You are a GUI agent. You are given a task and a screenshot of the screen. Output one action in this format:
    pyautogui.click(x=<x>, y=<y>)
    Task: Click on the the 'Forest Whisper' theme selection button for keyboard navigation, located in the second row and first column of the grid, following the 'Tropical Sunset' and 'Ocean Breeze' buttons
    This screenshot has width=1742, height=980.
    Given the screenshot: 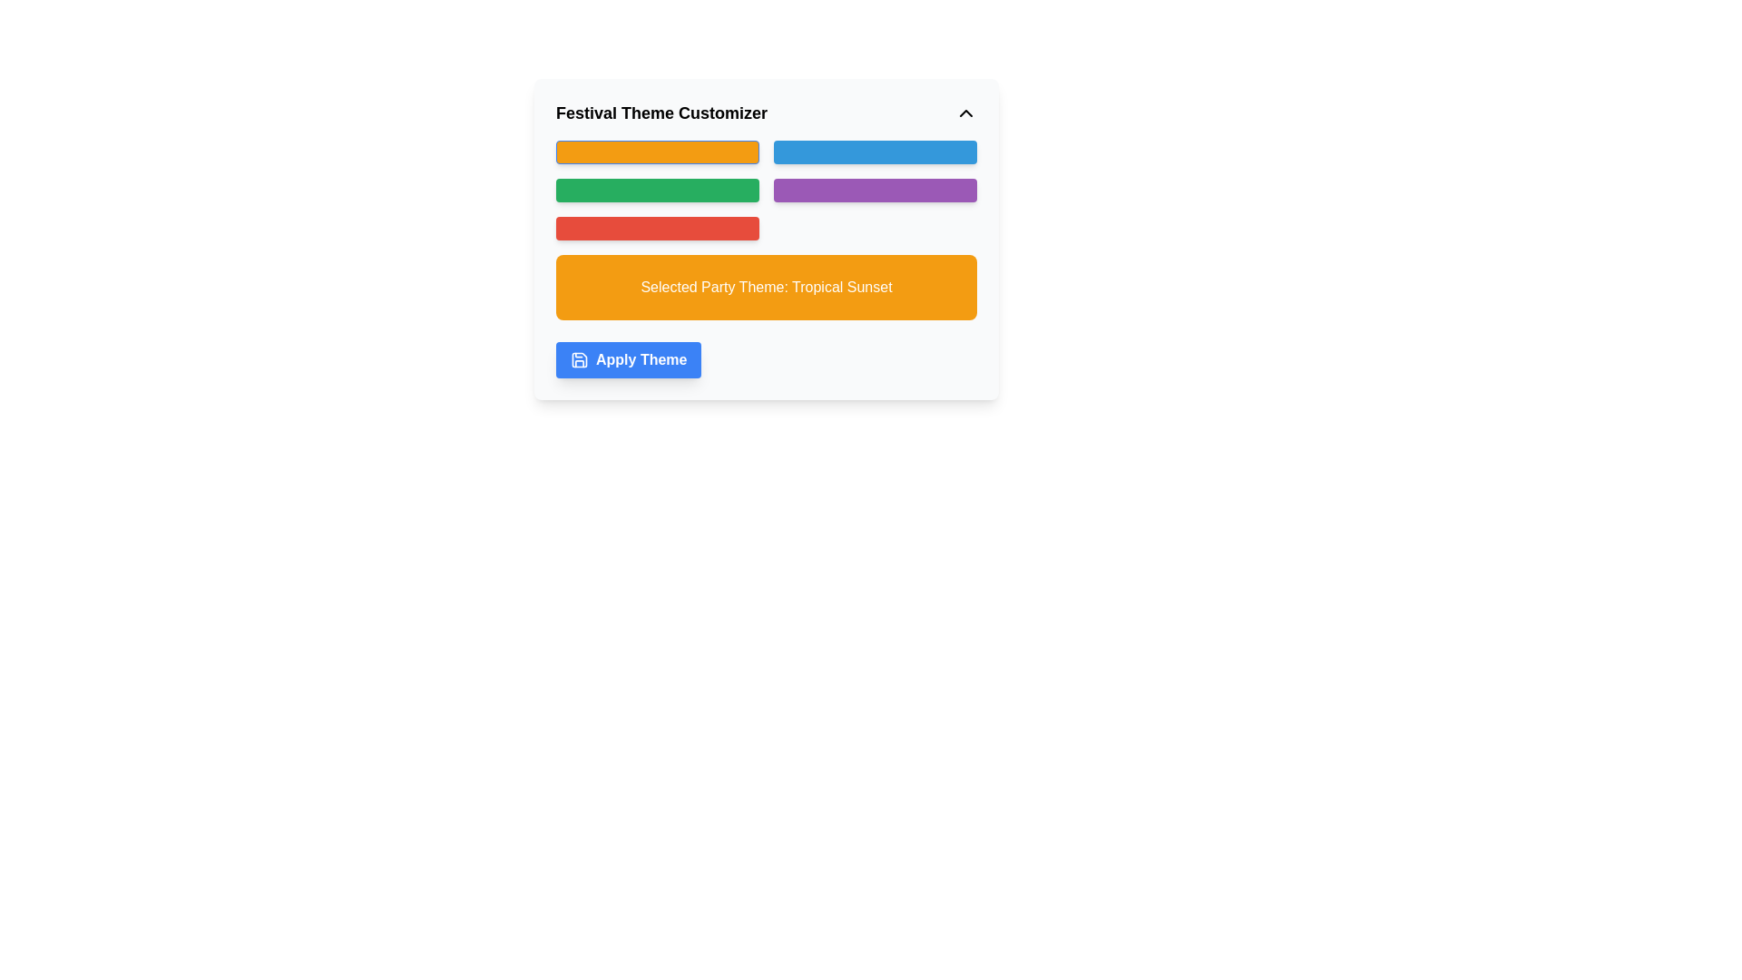 What is the action you would take?
    pyautogui.click(x=656, y=190)
    